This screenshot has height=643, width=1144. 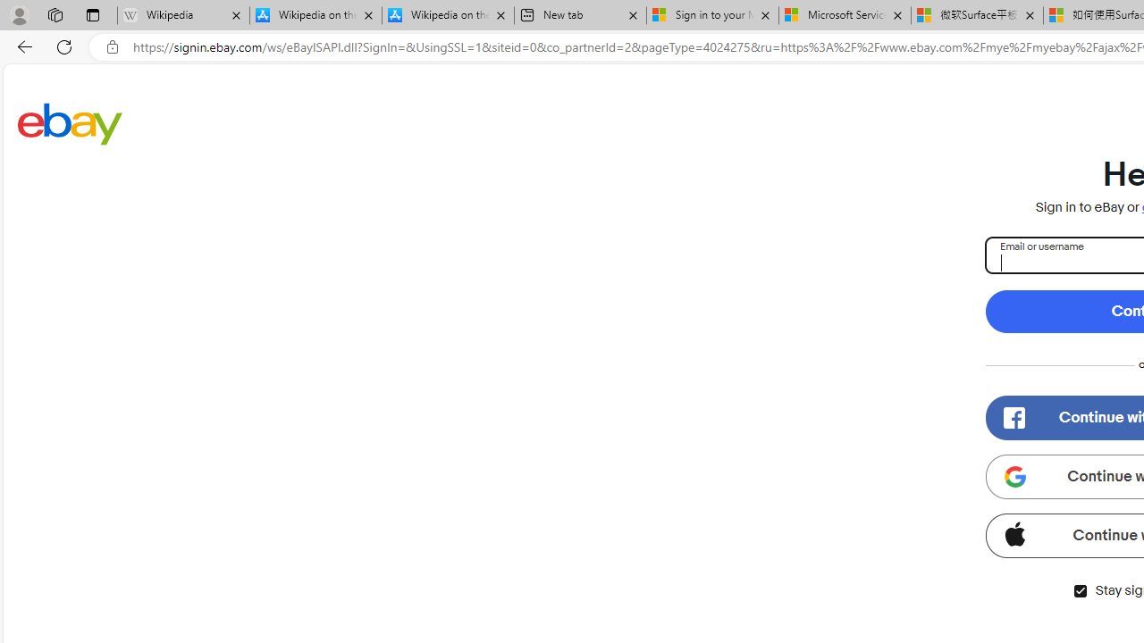 I want to click on 'eBay Home', so click(x=70, y=122).